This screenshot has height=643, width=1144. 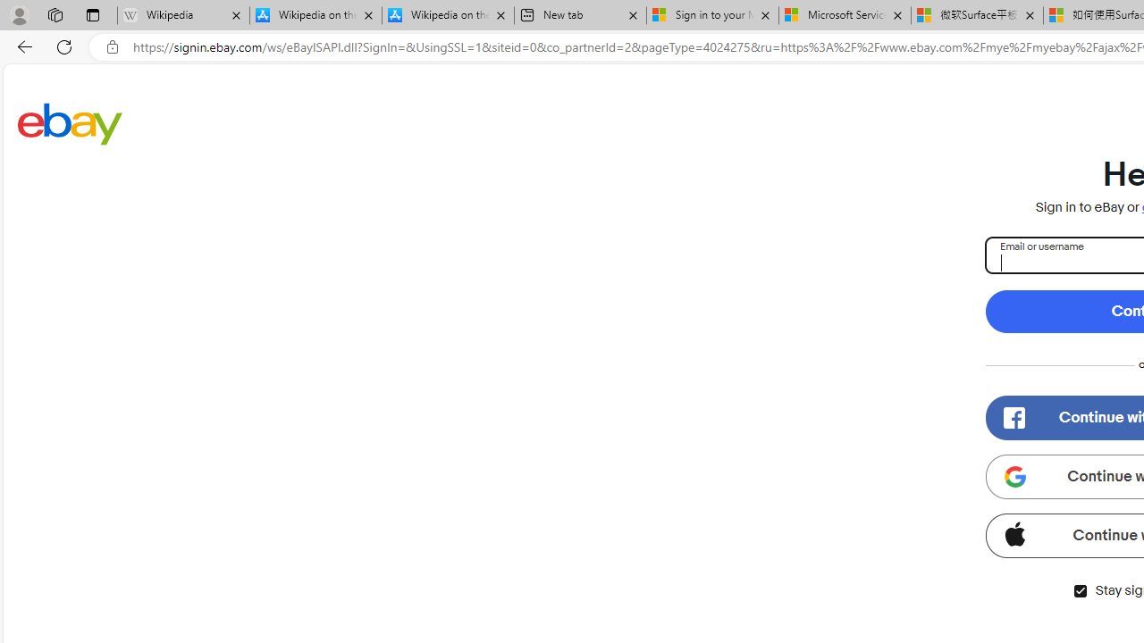 I want to click on 'eBay Home', so click(x=70, y=122).